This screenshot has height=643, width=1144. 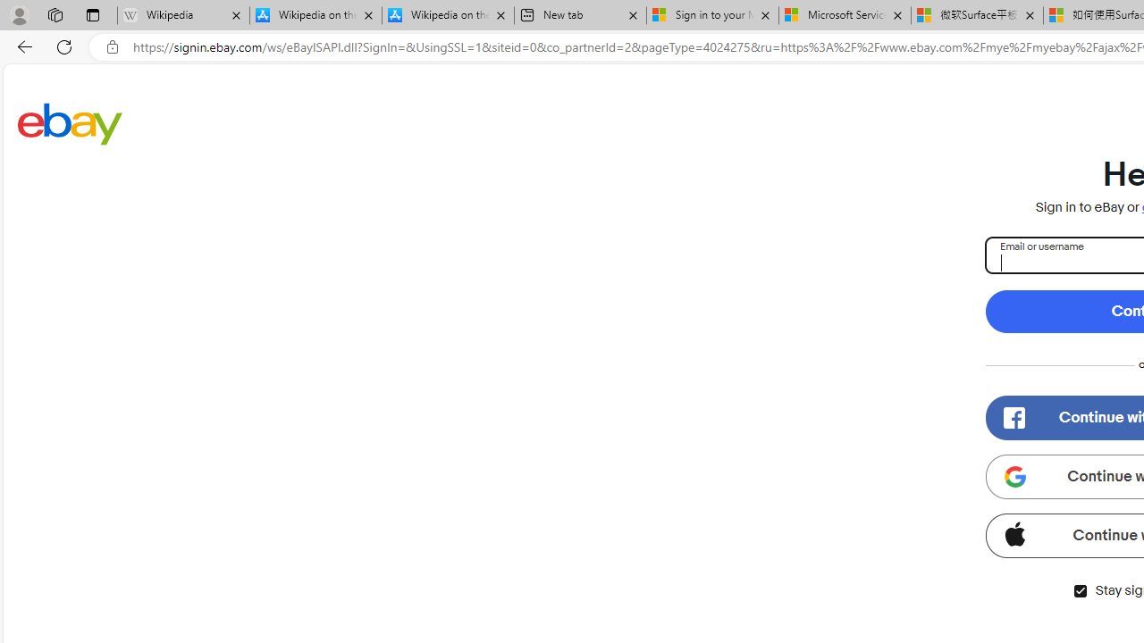 I want to click on 'eBay Home', so click(x=70, y=122).